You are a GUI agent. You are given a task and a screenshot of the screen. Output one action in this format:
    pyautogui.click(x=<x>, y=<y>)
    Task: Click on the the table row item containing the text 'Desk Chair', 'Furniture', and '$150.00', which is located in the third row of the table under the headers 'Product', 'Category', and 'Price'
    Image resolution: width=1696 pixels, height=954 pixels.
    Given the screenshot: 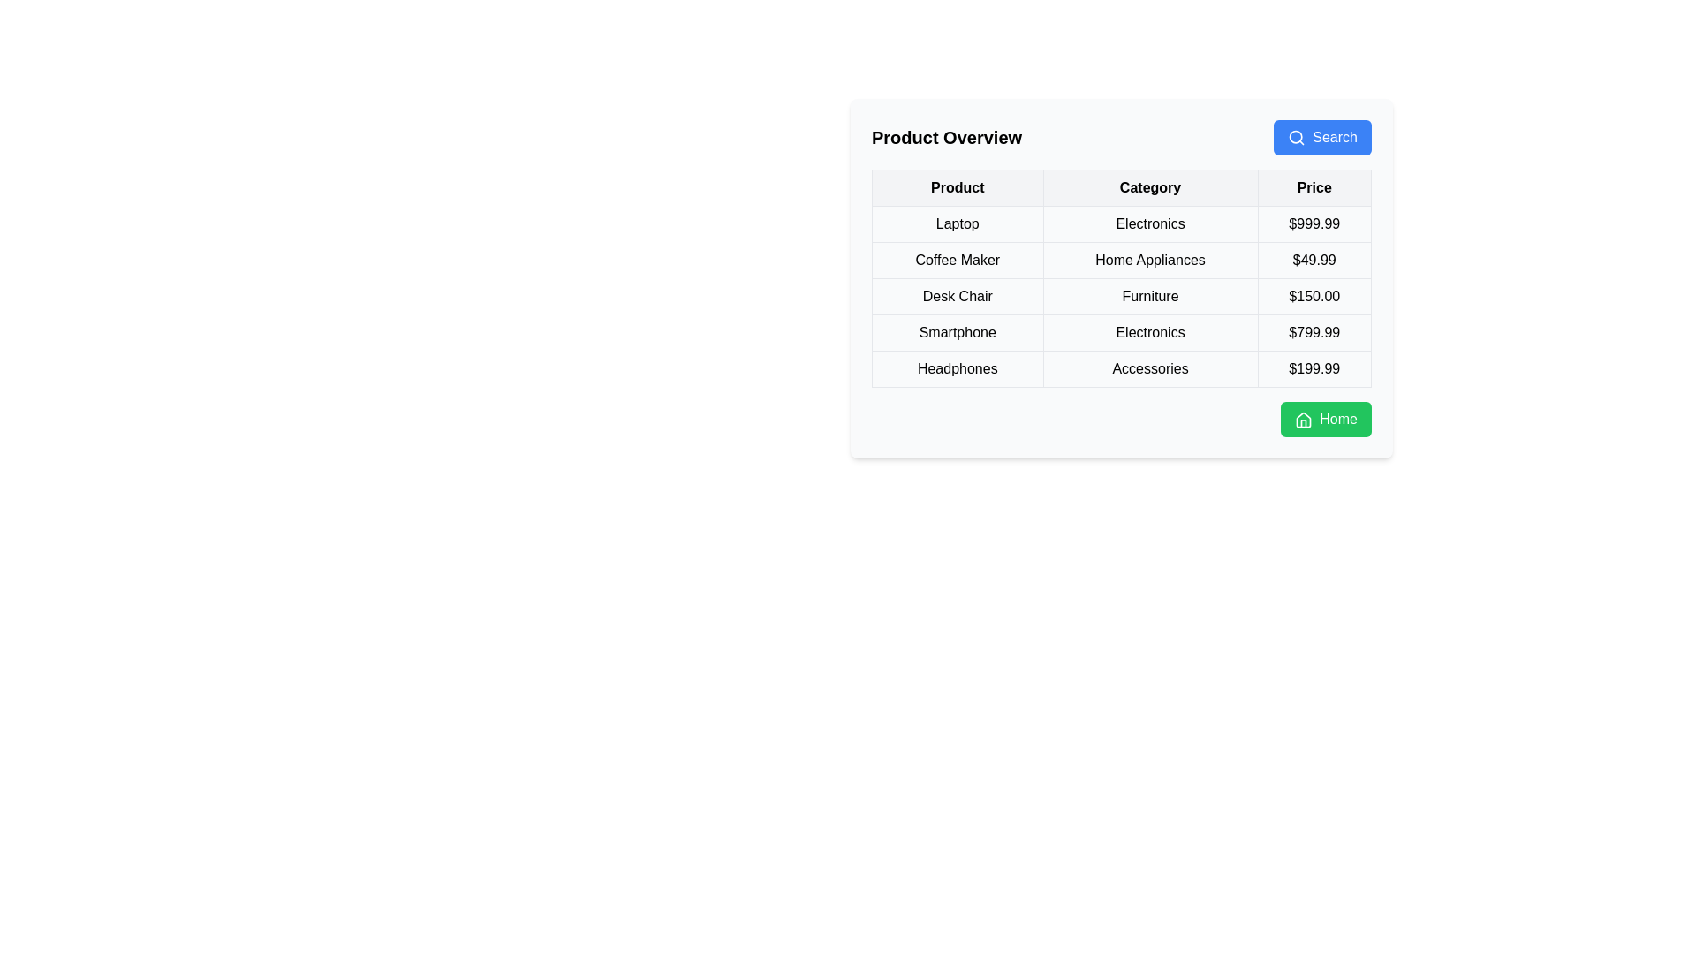 What is the action you would take?
    pyautogui.click(x=1121, y=295)
    